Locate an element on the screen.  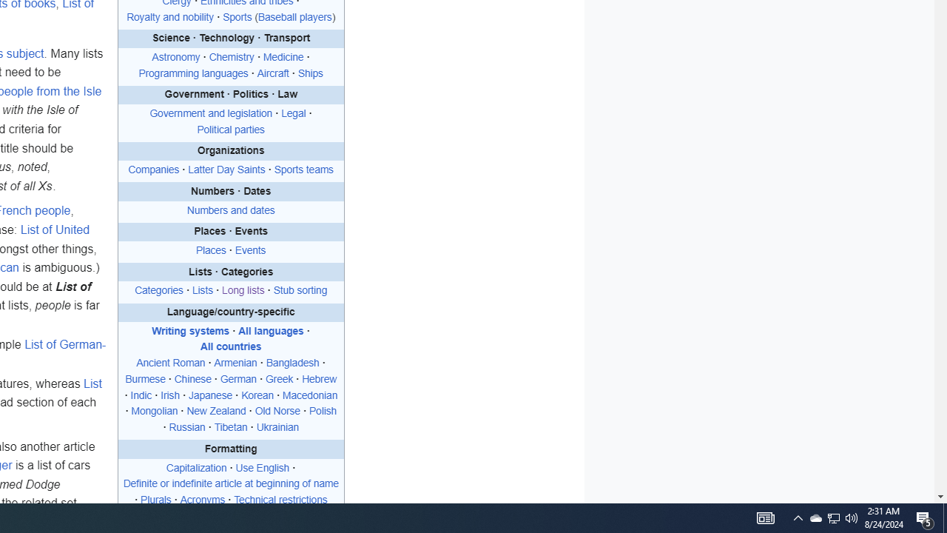
'Legal' is located at coordinates (293, 113).